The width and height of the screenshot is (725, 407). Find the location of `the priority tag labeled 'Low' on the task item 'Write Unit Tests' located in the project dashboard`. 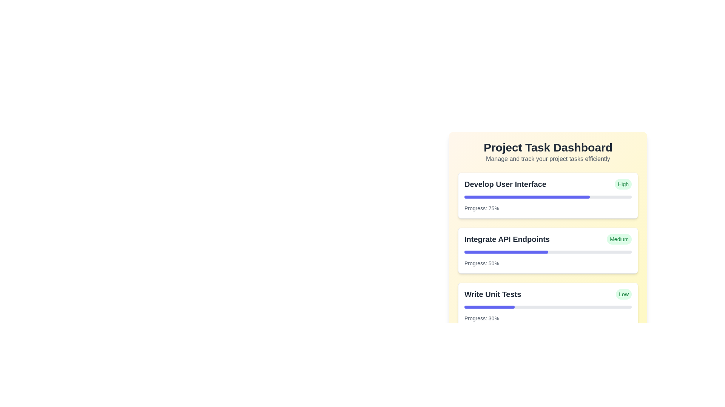

the priority tag labeled 'Low' on the task item 'Write Unit Tests' located in the project dashboard is located at coordinates (548, 294).